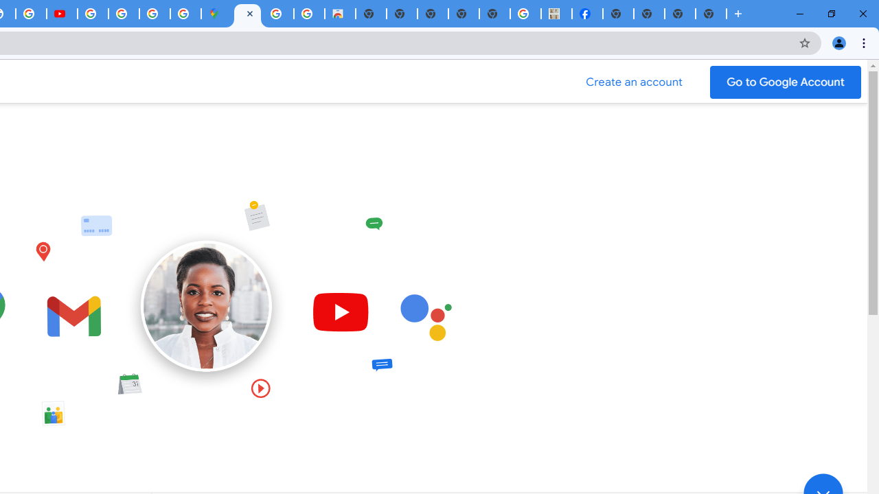  What do you see at coordinates (786, 82) in the screenshot?
I see `'Go to your Google Account'` at bounding box center [786, 82].